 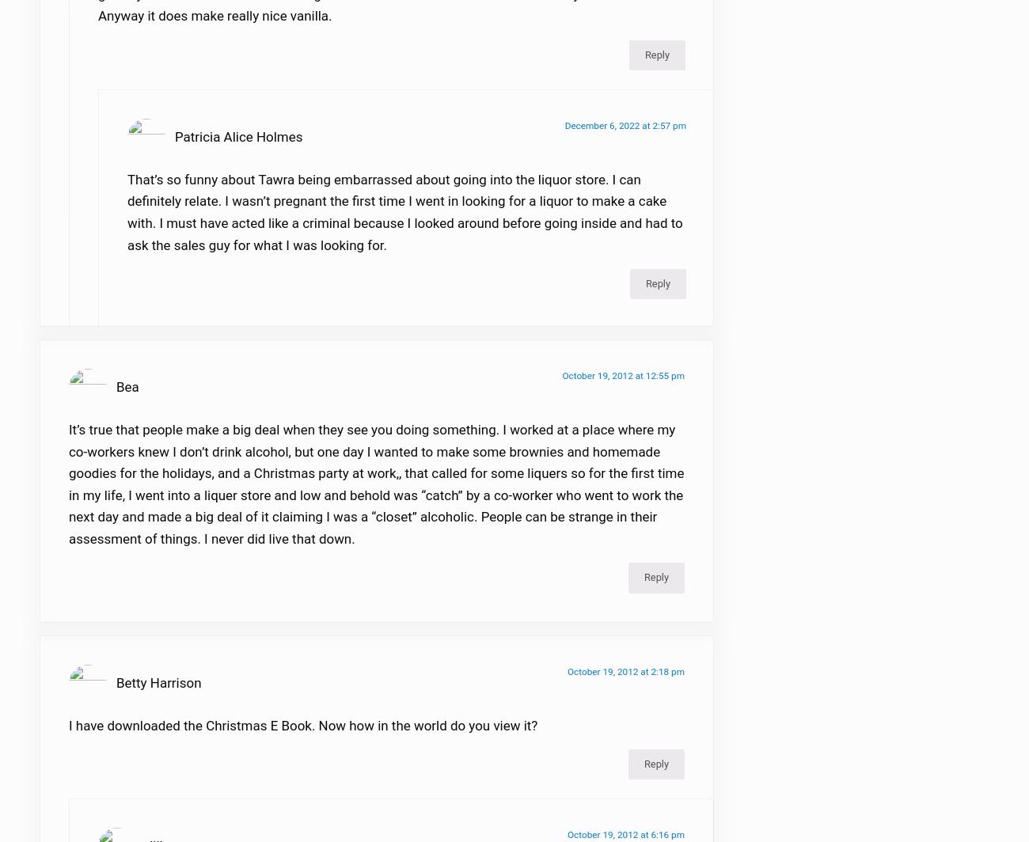 I want to click on 'Bea', so click(x=126, y=396).